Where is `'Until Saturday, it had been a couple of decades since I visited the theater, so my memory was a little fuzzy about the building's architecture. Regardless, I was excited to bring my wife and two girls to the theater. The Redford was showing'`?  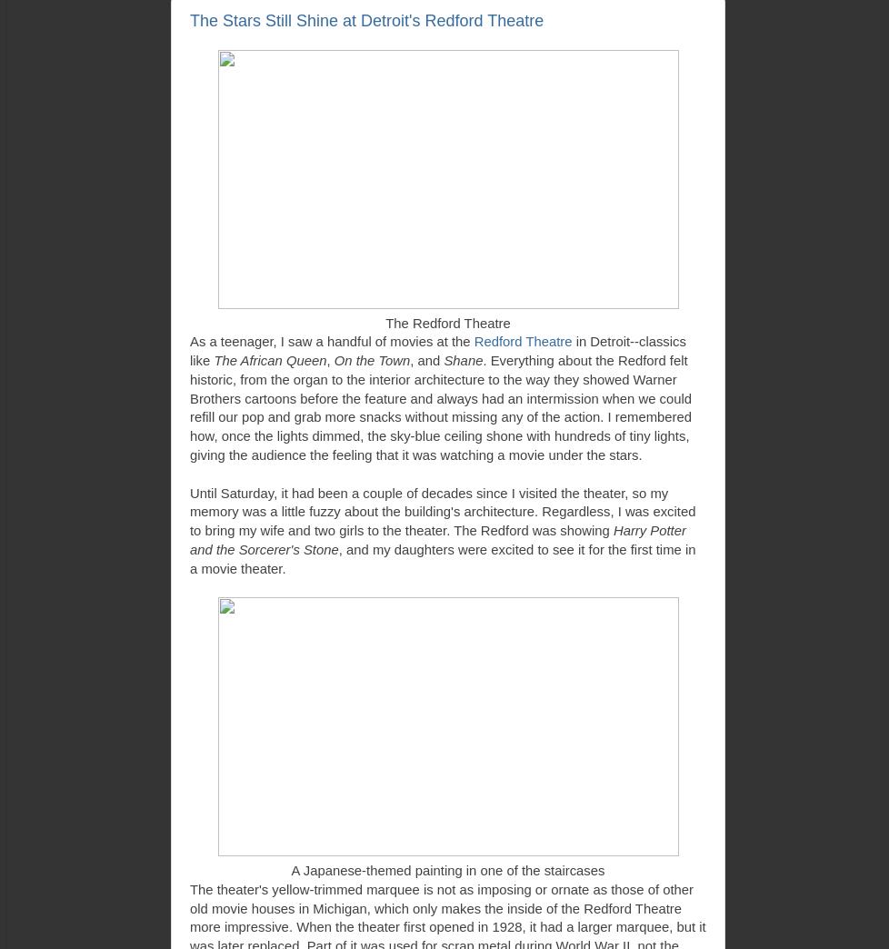 'Until Saturday, it had been a couple of decades since I visited the theater, so my memory was a little fuzzy about the building's architecture. Regardless, I was excited to bring my wife and two girls to the theater. The Redford was showing' is located at coordinates (442, 511).